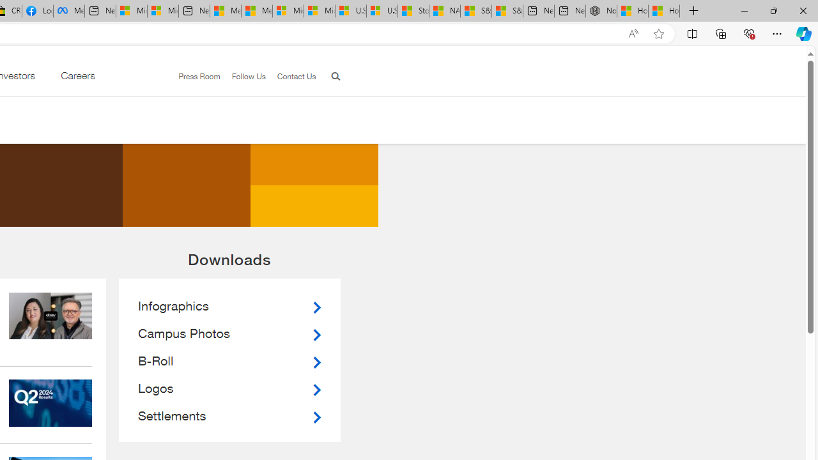  What do you see at coordinates (77, 79) in the screenshot?
I see `'Careers'` at bounding box center [77, 79].